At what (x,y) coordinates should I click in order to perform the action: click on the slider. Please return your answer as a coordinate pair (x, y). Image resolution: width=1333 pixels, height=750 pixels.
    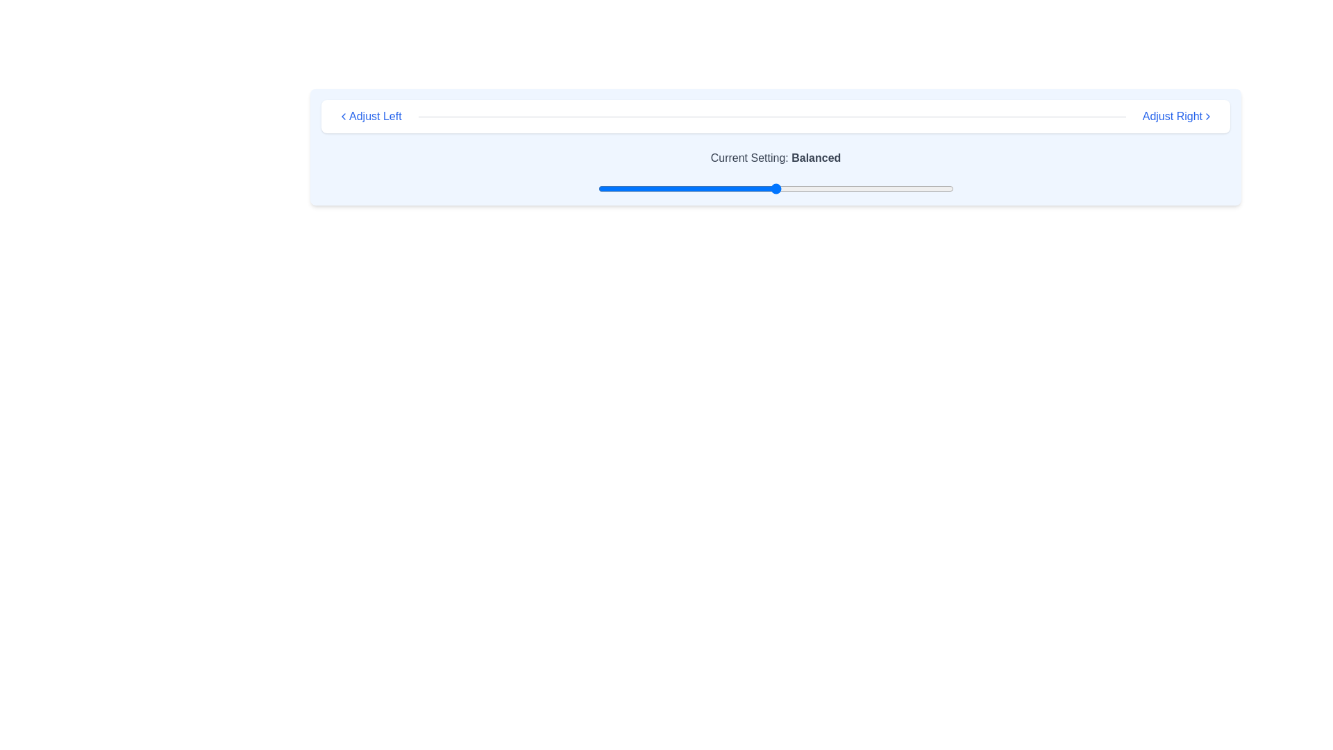
    Looking at the image, I should click on (818, 189).